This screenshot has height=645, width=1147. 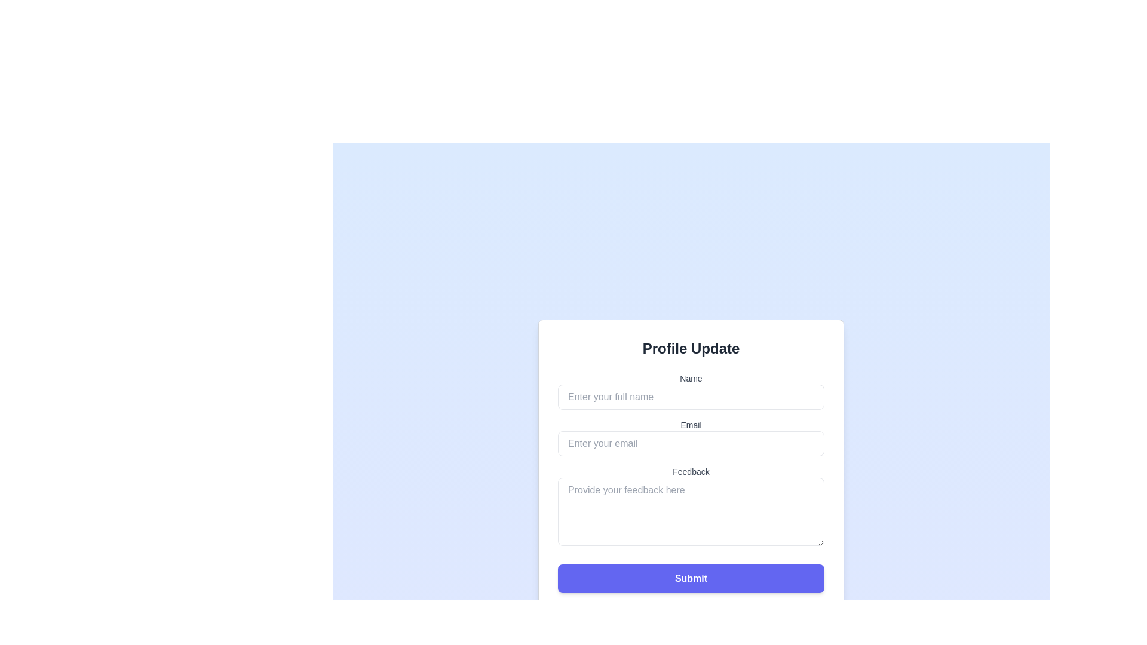 What do you see at coordinates (691, 424) in the screenshot?
I see `the 'Email' text label, which is a small gray text label in a sans-serif font, positioned centrally within the form layout, above the email input field` at bounding box center [691, 424].